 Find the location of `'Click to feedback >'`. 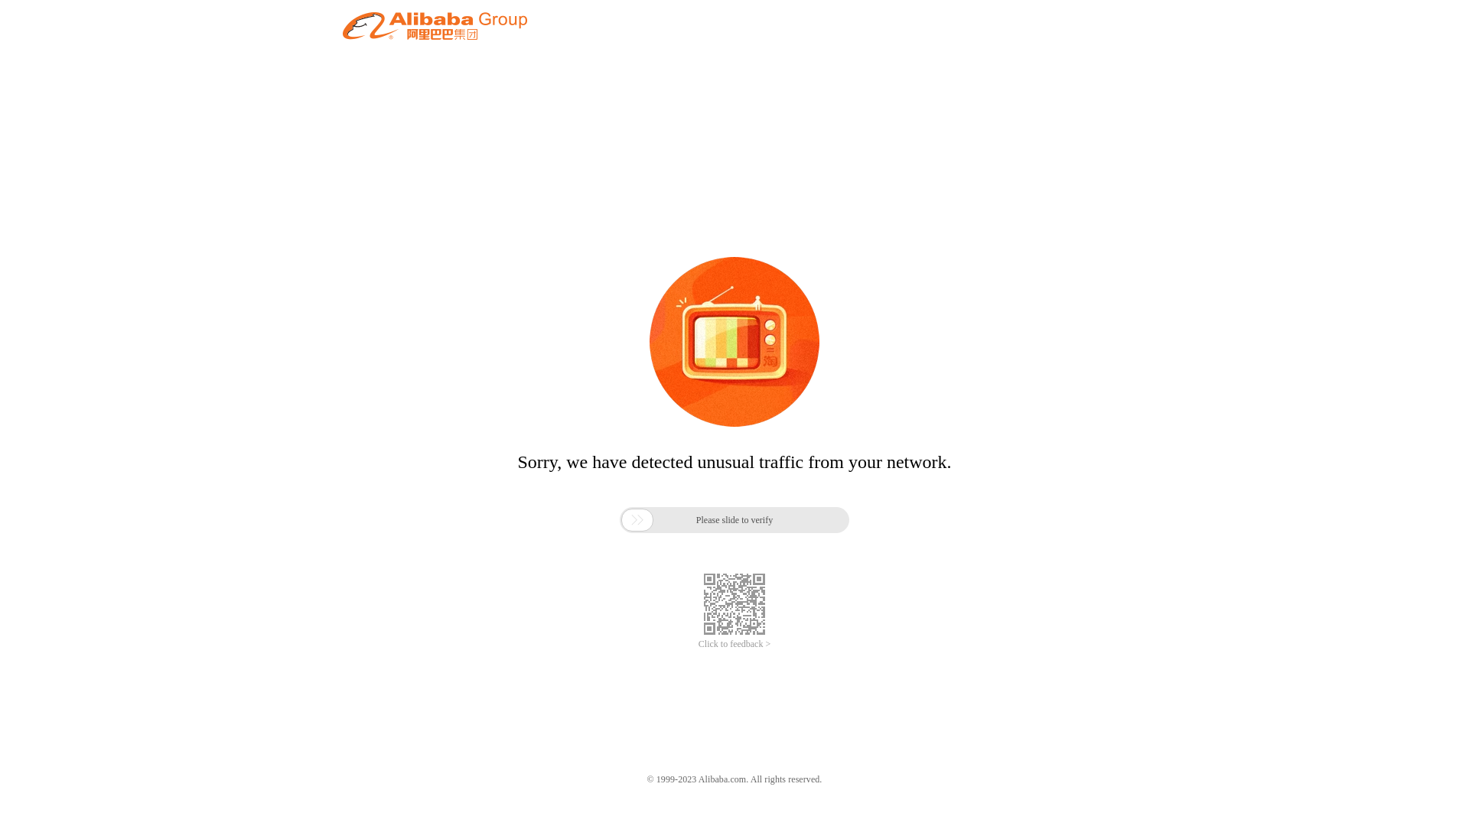

'Click to feedback >' is located at coordinates (697, 644).